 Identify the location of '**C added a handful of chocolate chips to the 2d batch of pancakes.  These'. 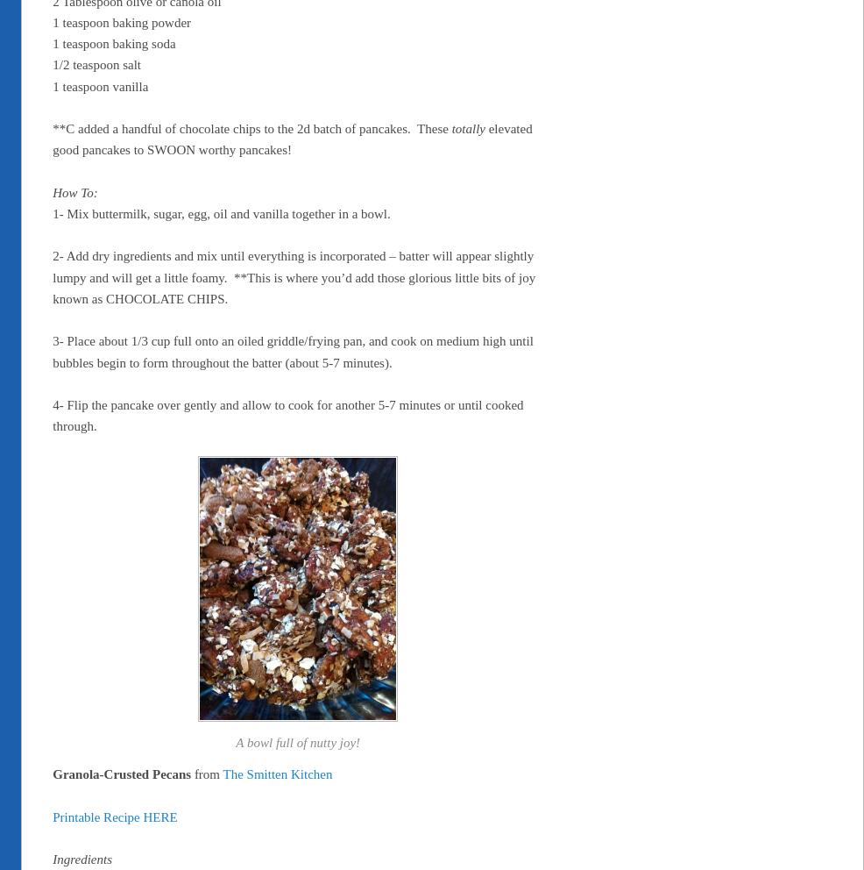
(251, 129).